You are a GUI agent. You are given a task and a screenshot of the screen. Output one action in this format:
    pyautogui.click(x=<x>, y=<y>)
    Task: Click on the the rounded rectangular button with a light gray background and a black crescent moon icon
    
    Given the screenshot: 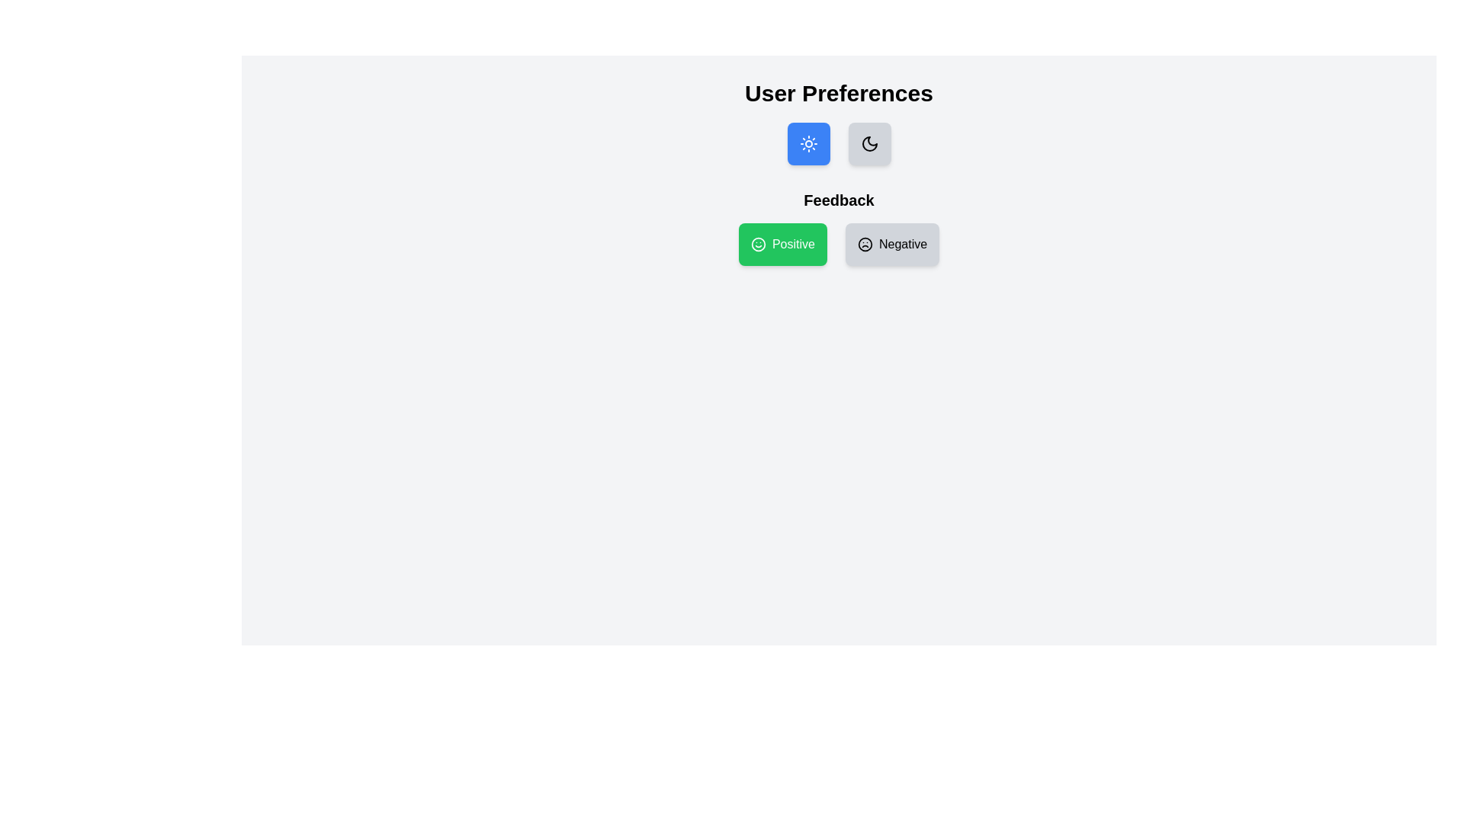 What is the action you would take?
    pyautogui.click(x=869, y=144)
    